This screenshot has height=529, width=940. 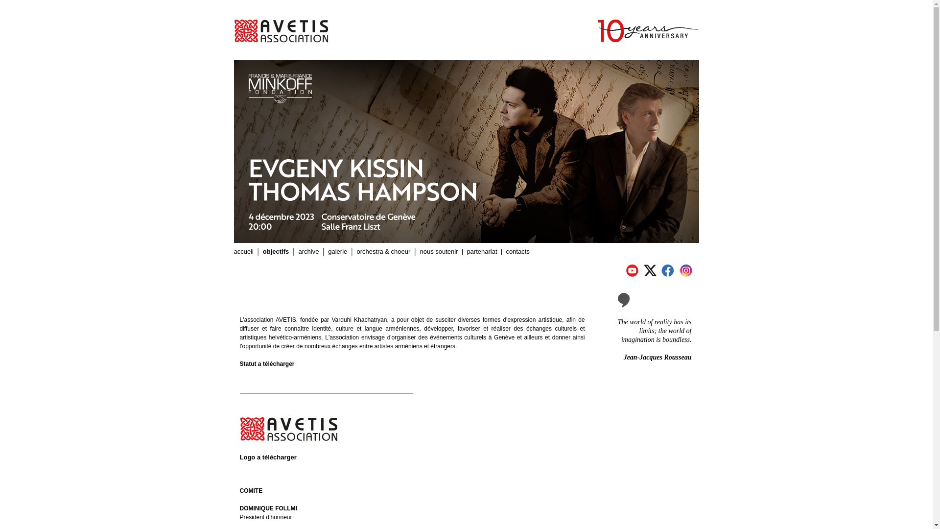 What do you see at coordinates (382, 251) in the screenshot?
I see `'orchestra & choeur'` at bounding box center [382, 251].